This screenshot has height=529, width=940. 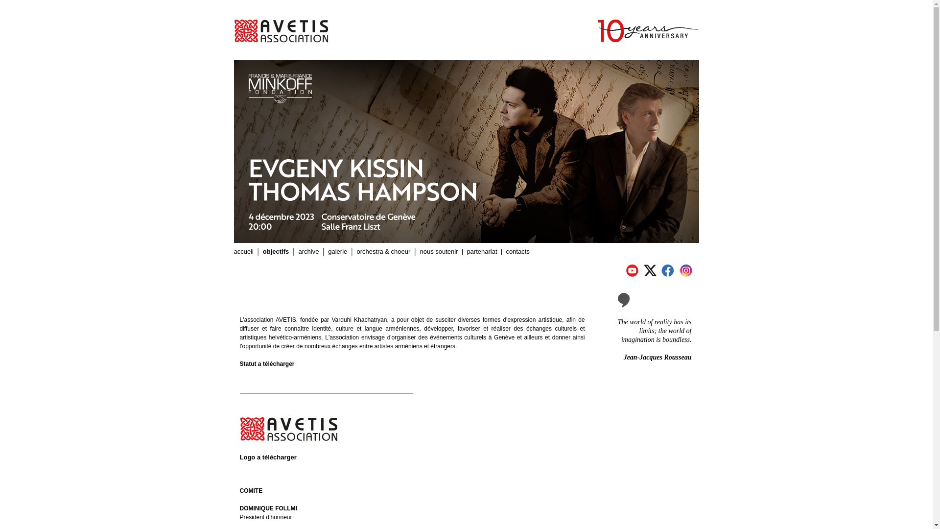 What do you see at coordinates (382, 251) in the screenshot?
I see `'orchestra & choeur'` at bounding box center [382, 251].